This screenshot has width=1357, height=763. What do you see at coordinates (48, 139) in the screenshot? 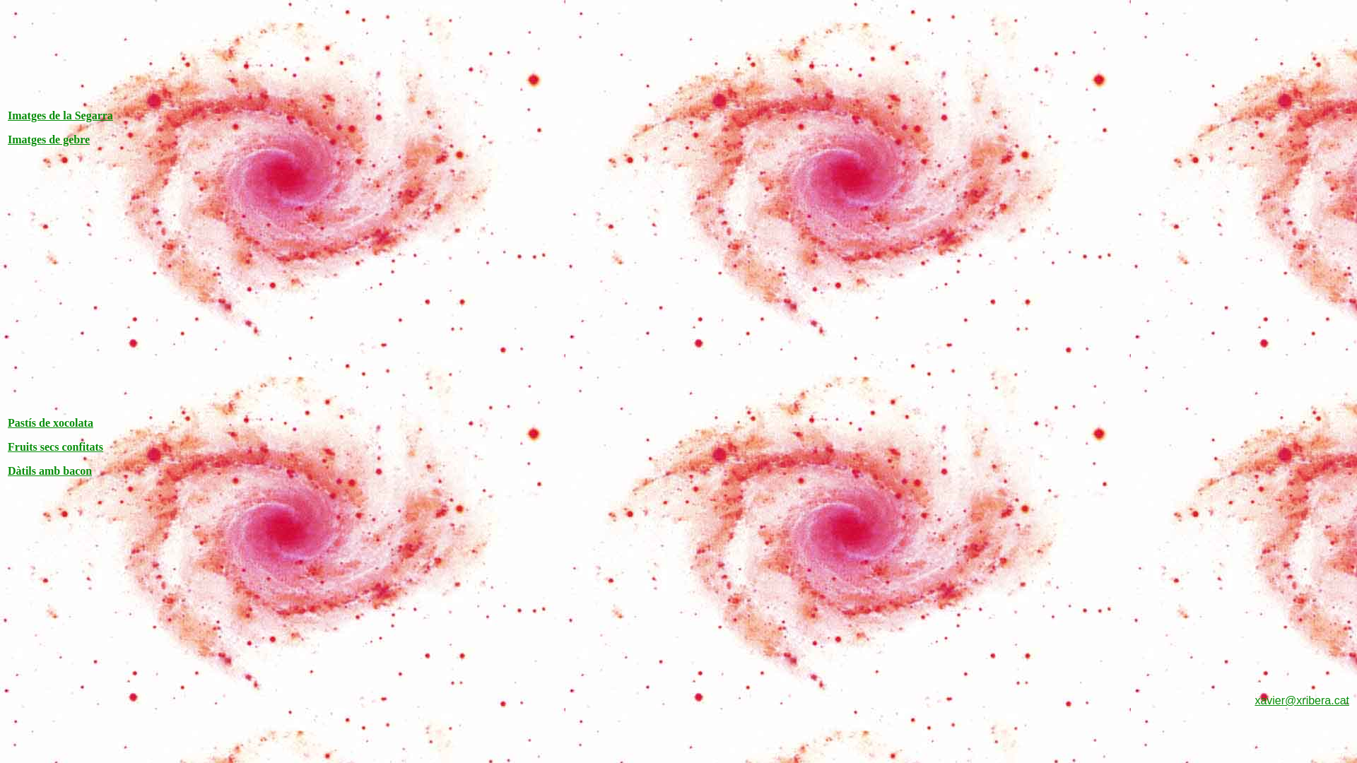
I see `'Imatges de gebre'` at bounding box center [48, 139].